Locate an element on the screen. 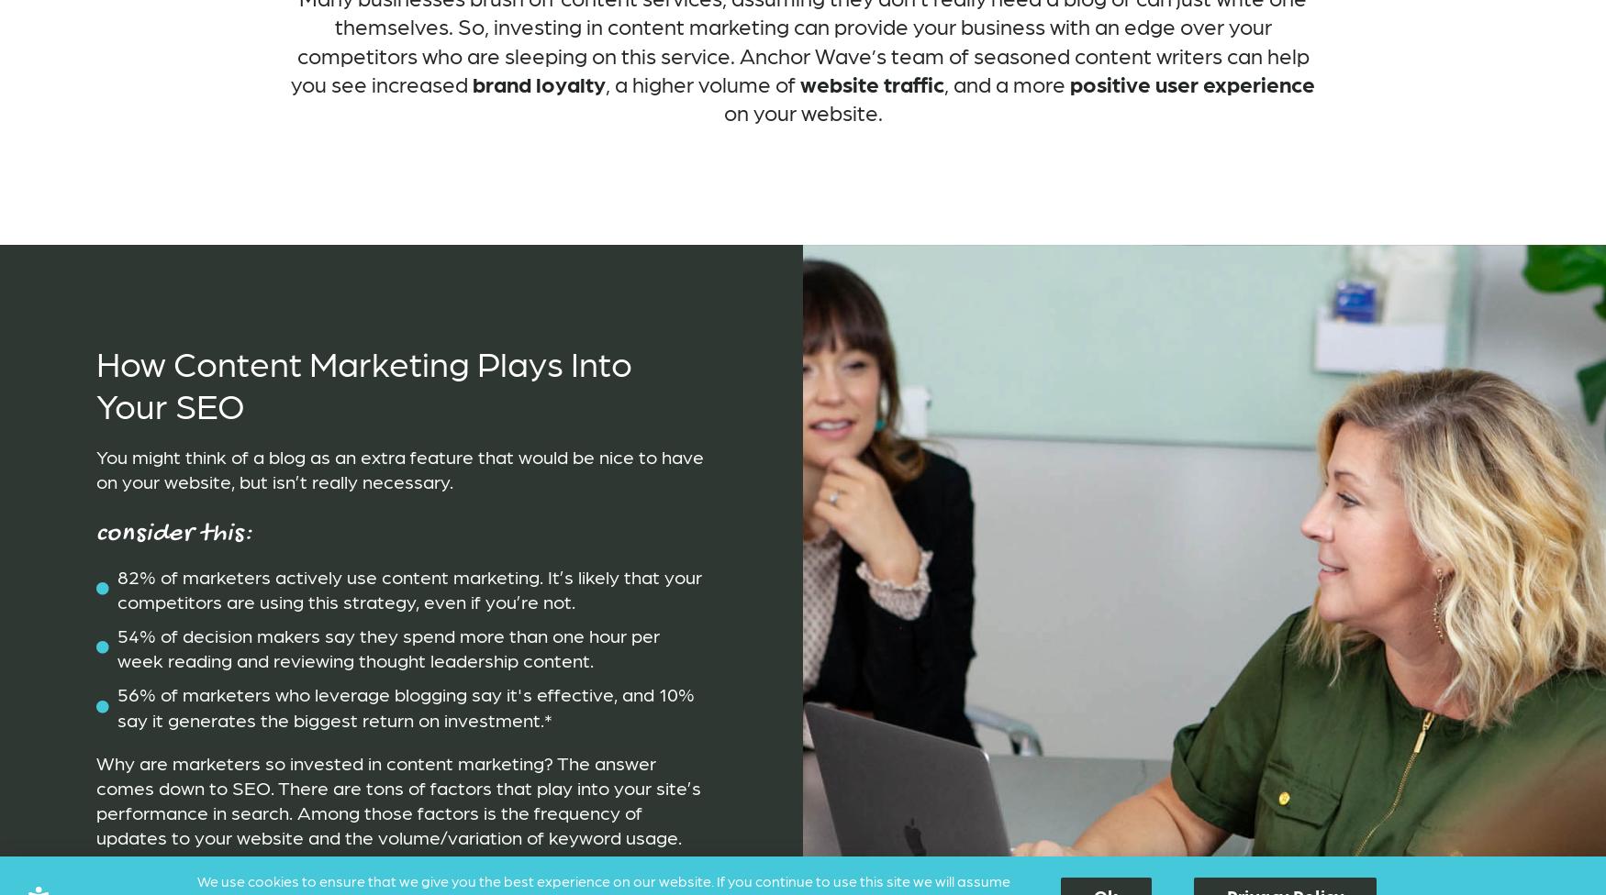  '54% of decision makers say they spend more than one hour per week reading and reviewing thought leadership content.' is located at coordinates (386, 646).